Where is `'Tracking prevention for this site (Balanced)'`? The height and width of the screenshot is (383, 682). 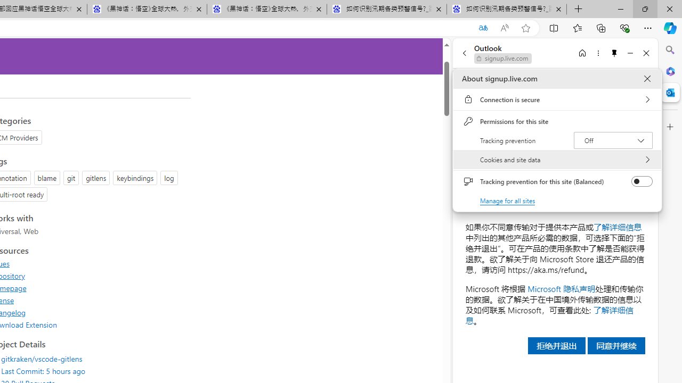
'Tracking prevention for this site (Balanced)' is located at coordinates (642, 181).